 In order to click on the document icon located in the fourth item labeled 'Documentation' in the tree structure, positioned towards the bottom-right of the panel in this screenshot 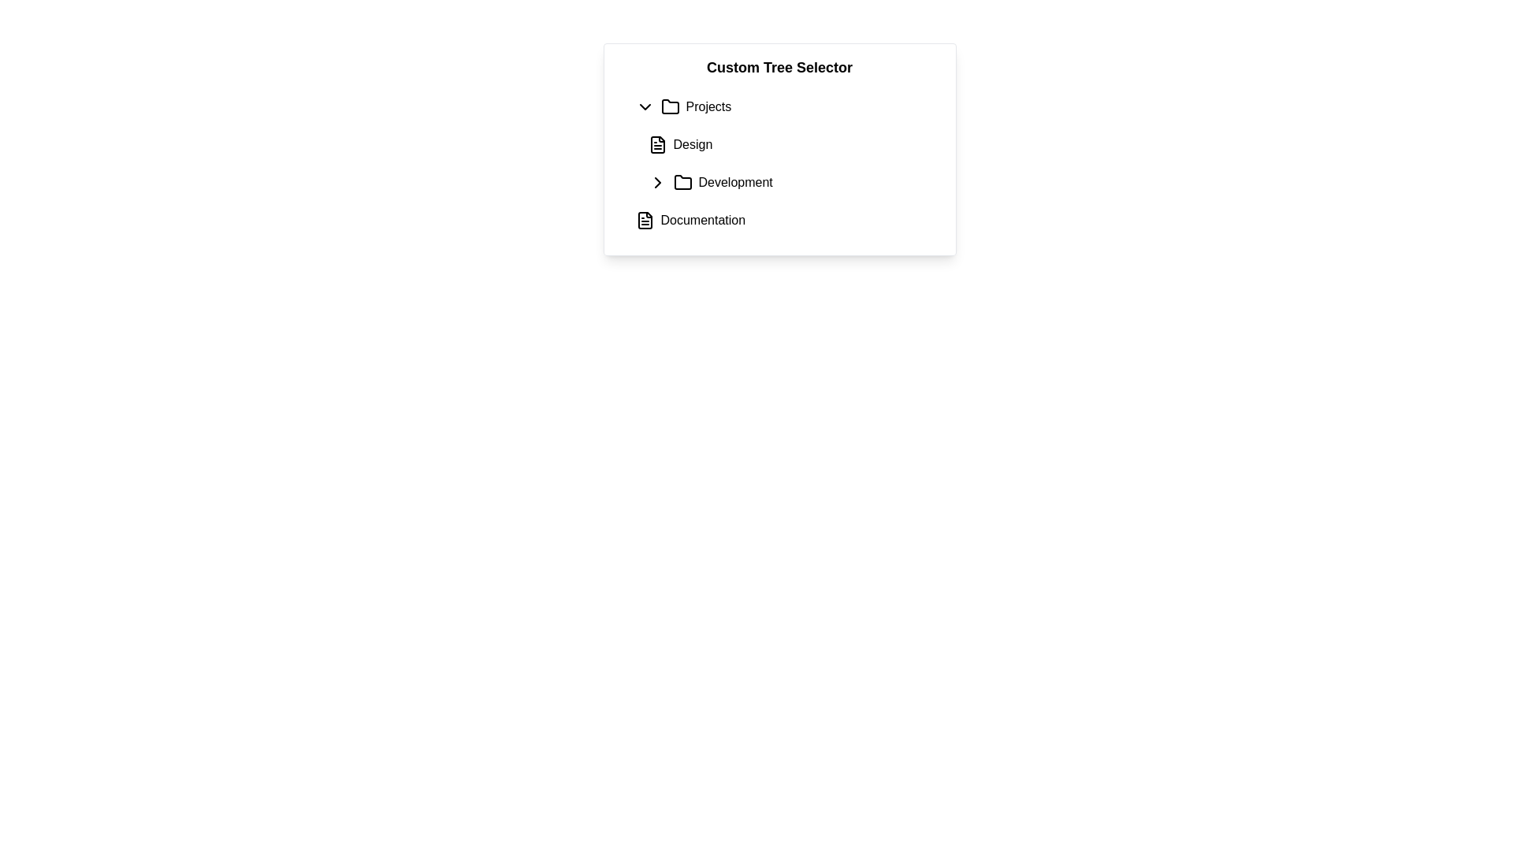, I will do `click(645, 221)`.